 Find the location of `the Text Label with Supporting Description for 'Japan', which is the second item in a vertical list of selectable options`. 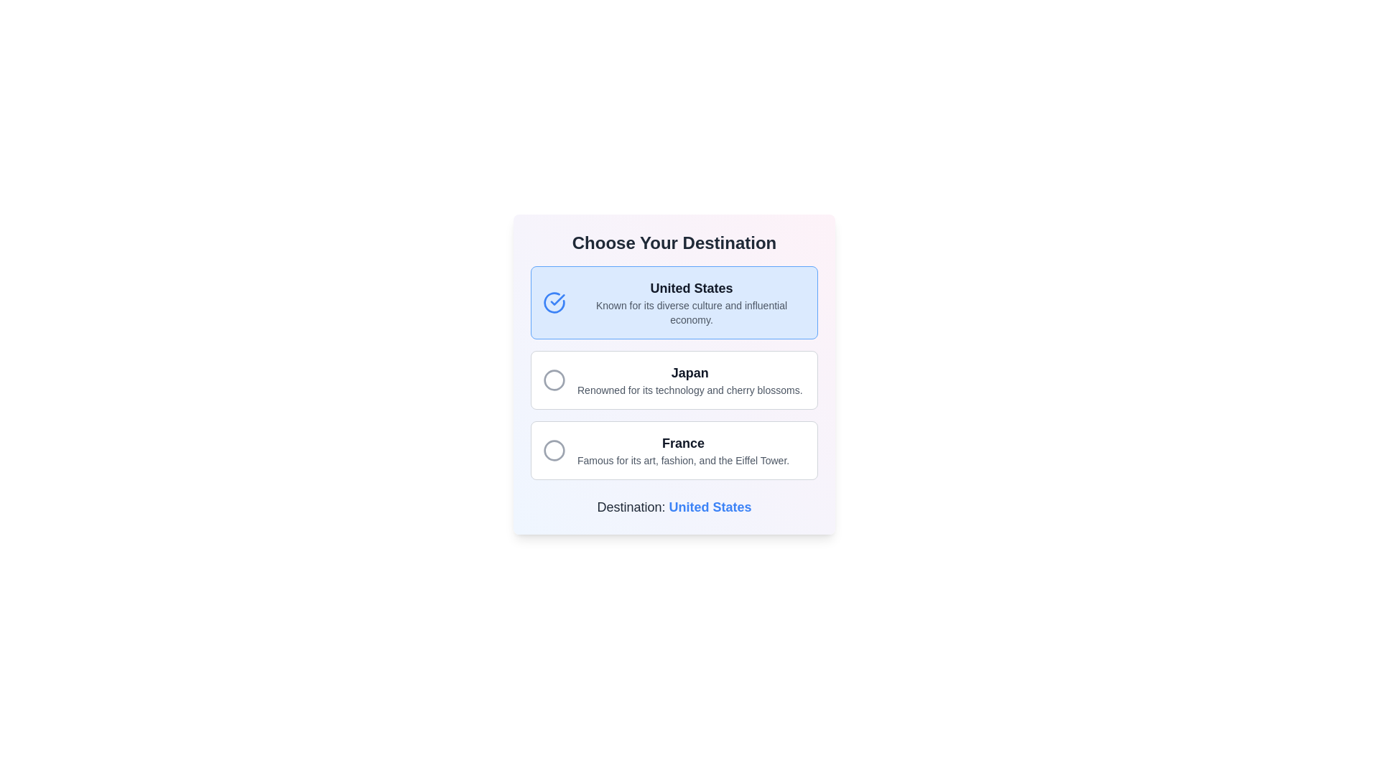

the Text Label with Supporting Description for 'Japan', which is the second item in a vertical list of selectable options is located at coordinates (689, 379).